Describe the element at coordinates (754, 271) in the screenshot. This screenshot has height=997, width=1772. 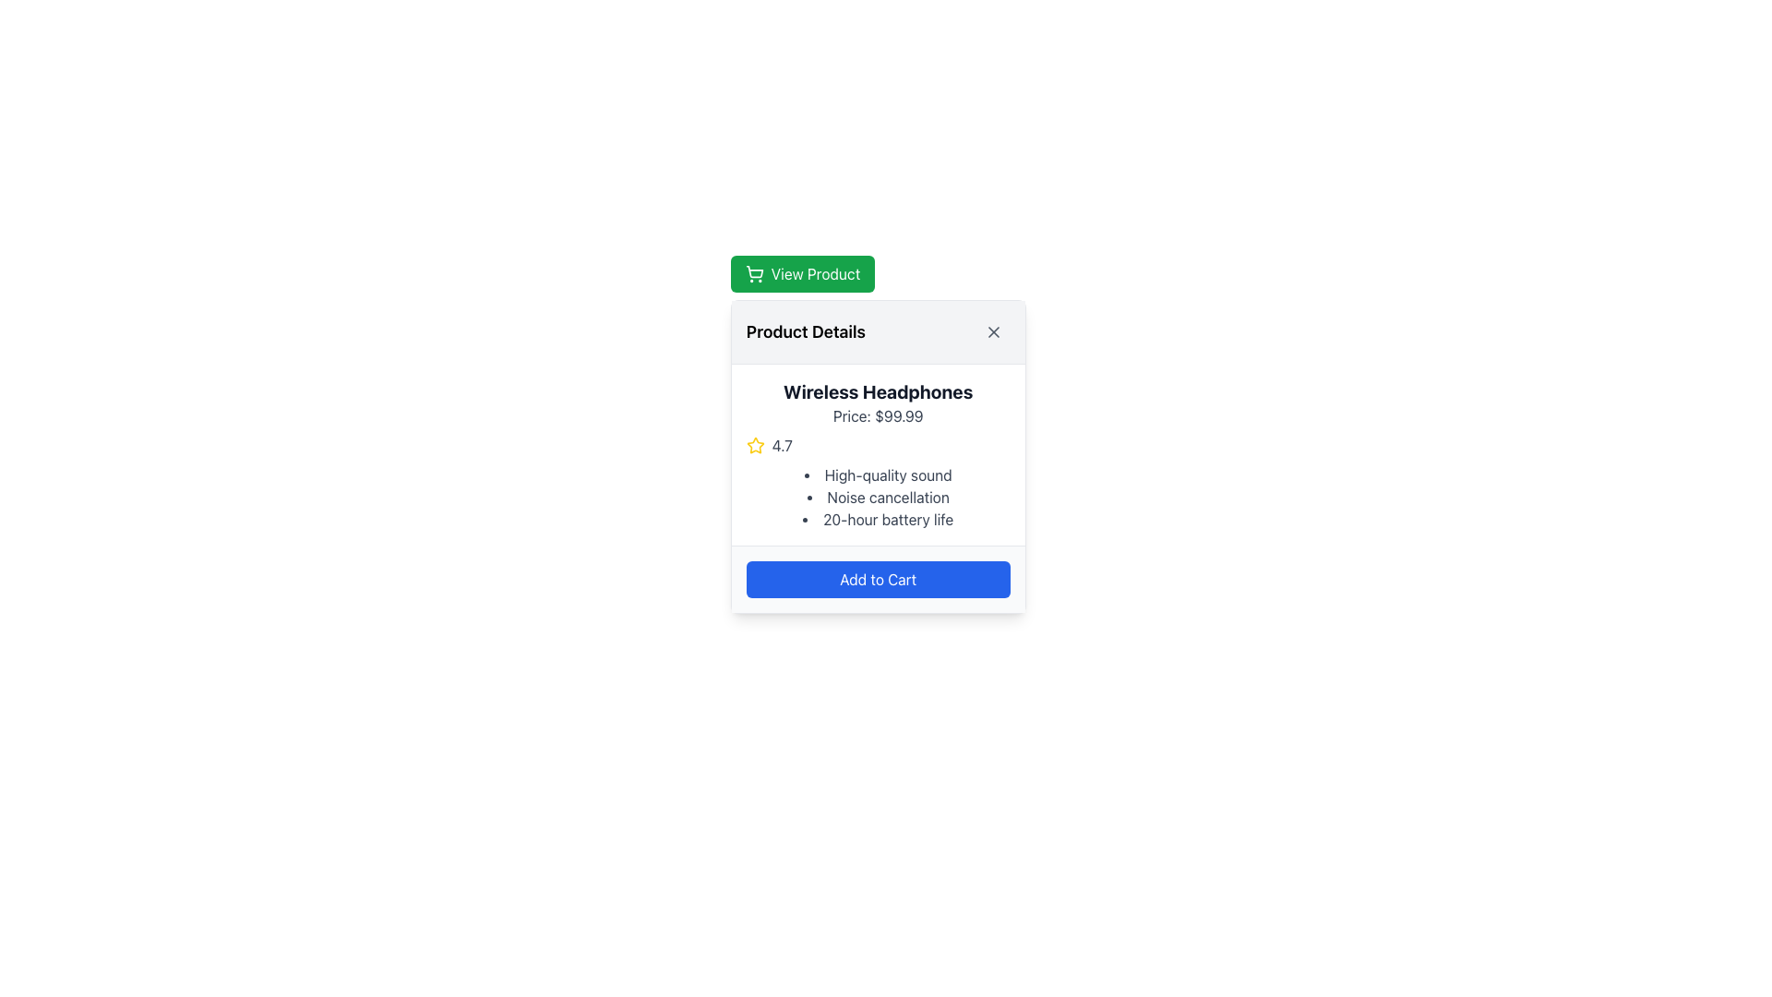
I see `the shopping cart outline SVG icon, which is part of the 'View Product' button located on the left side of the button` at that location.